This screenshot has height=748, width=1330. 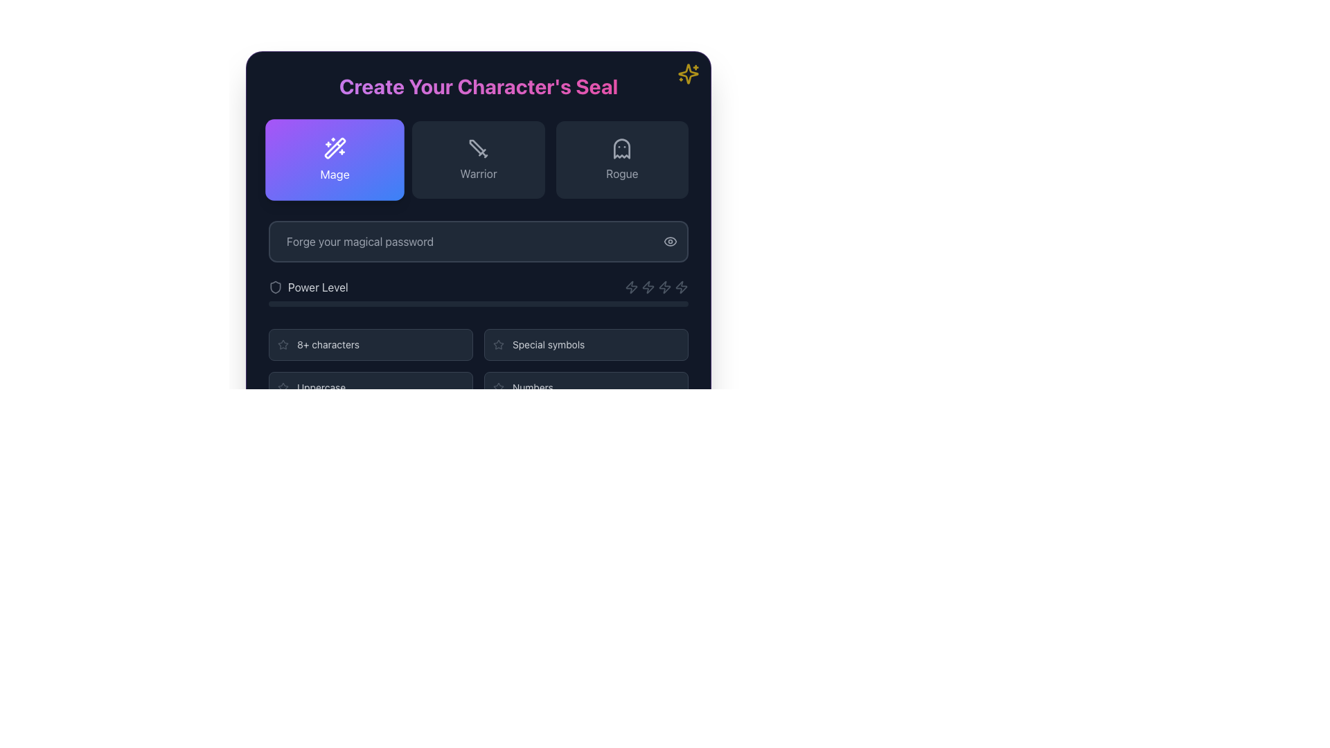 What do you see at coordinates (282, 344) in the screenshot?
I see `the decorative icon positioned to the left of the '8+ characters' text in the password validation section` at bounding box center [282, 344].